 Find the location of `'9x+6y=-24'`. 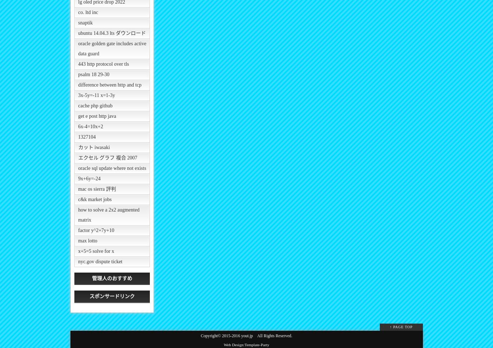

'9x+6y=-24' is located at coordinates (78, 178).